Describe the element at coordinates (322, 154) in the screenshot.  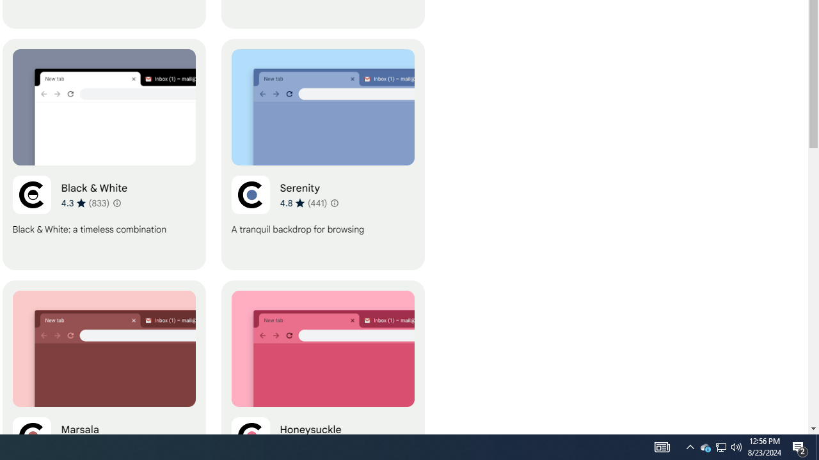
I see `'Serenity'` at that location.